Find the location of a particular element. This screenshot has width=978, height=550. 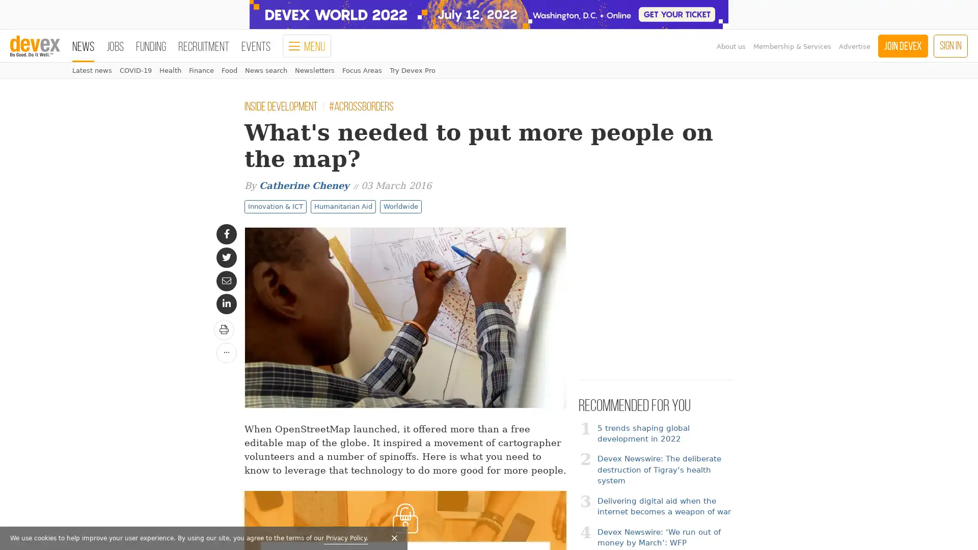

Menu is located at coordinates (306, 46).